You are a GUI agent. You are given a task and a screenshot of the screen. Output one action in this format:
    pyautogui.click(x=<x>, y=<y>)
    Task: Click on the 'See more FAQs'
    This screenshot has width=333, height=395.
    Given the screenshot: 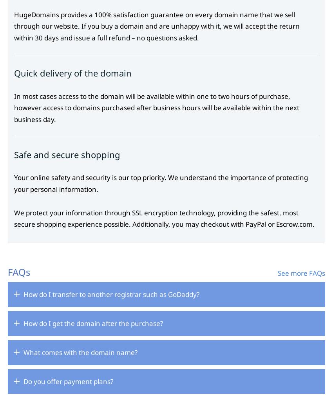 What is the action you would take?
    pyautogui.click(x=301, y=273)
    